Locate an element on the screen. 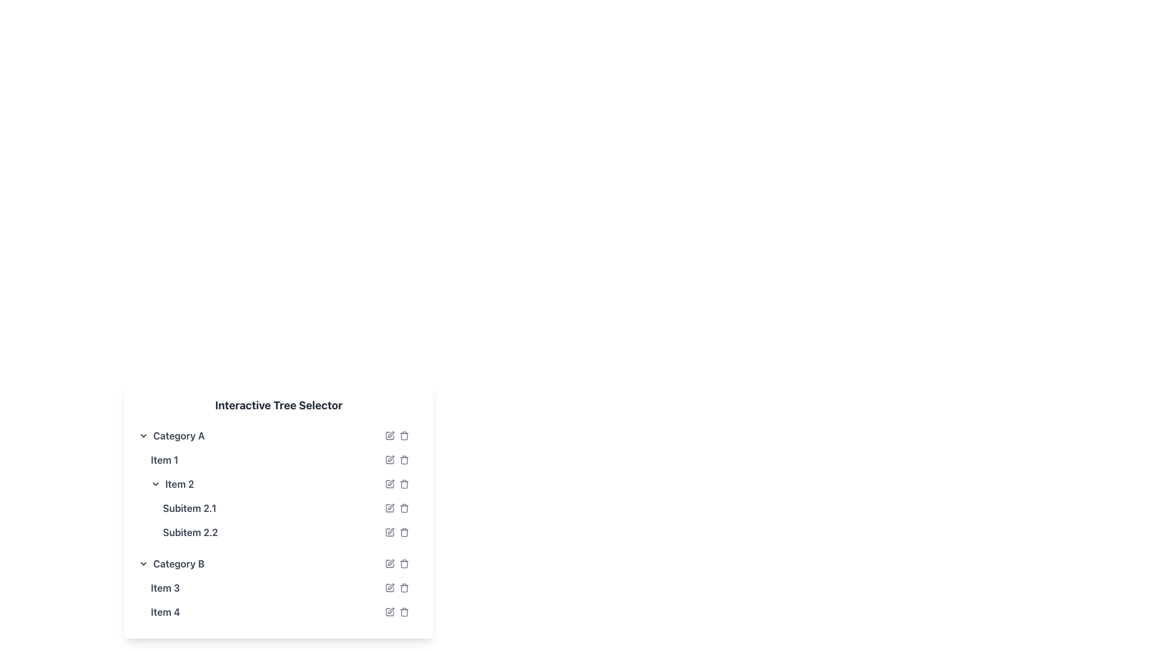 The image size is (1159, 652). the square icon with a pen or pencil intersecting it, which is part of the 'Interactive Tree Selector' next to 'Item 3' is located at coordinates (390, 587).